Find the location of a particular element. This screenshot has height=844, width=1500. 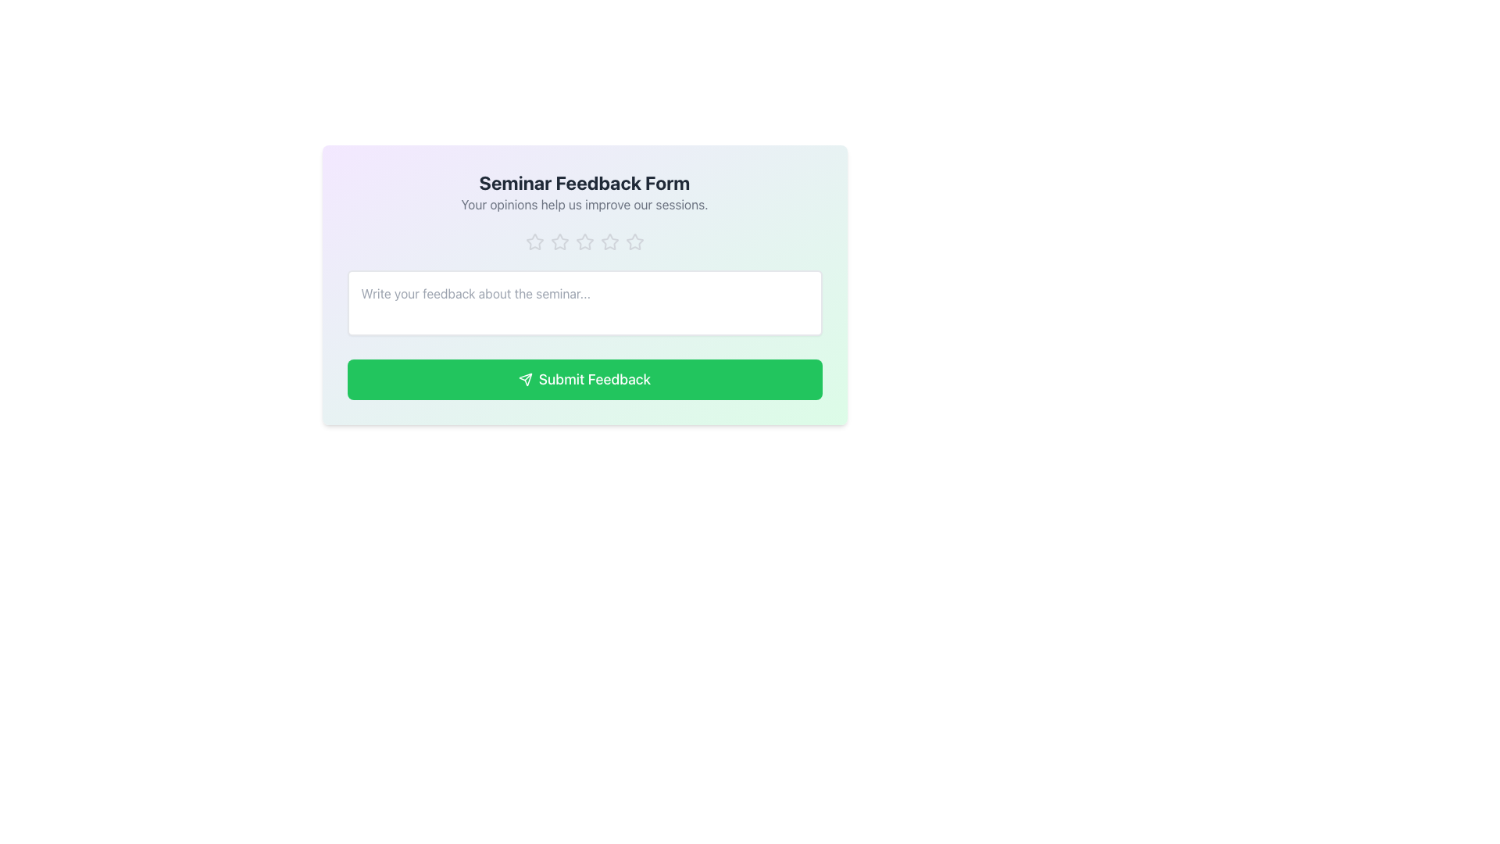

the submit button located at the bottom of the 'Seminar Feedback Form' is located at coordinates (584, 380).